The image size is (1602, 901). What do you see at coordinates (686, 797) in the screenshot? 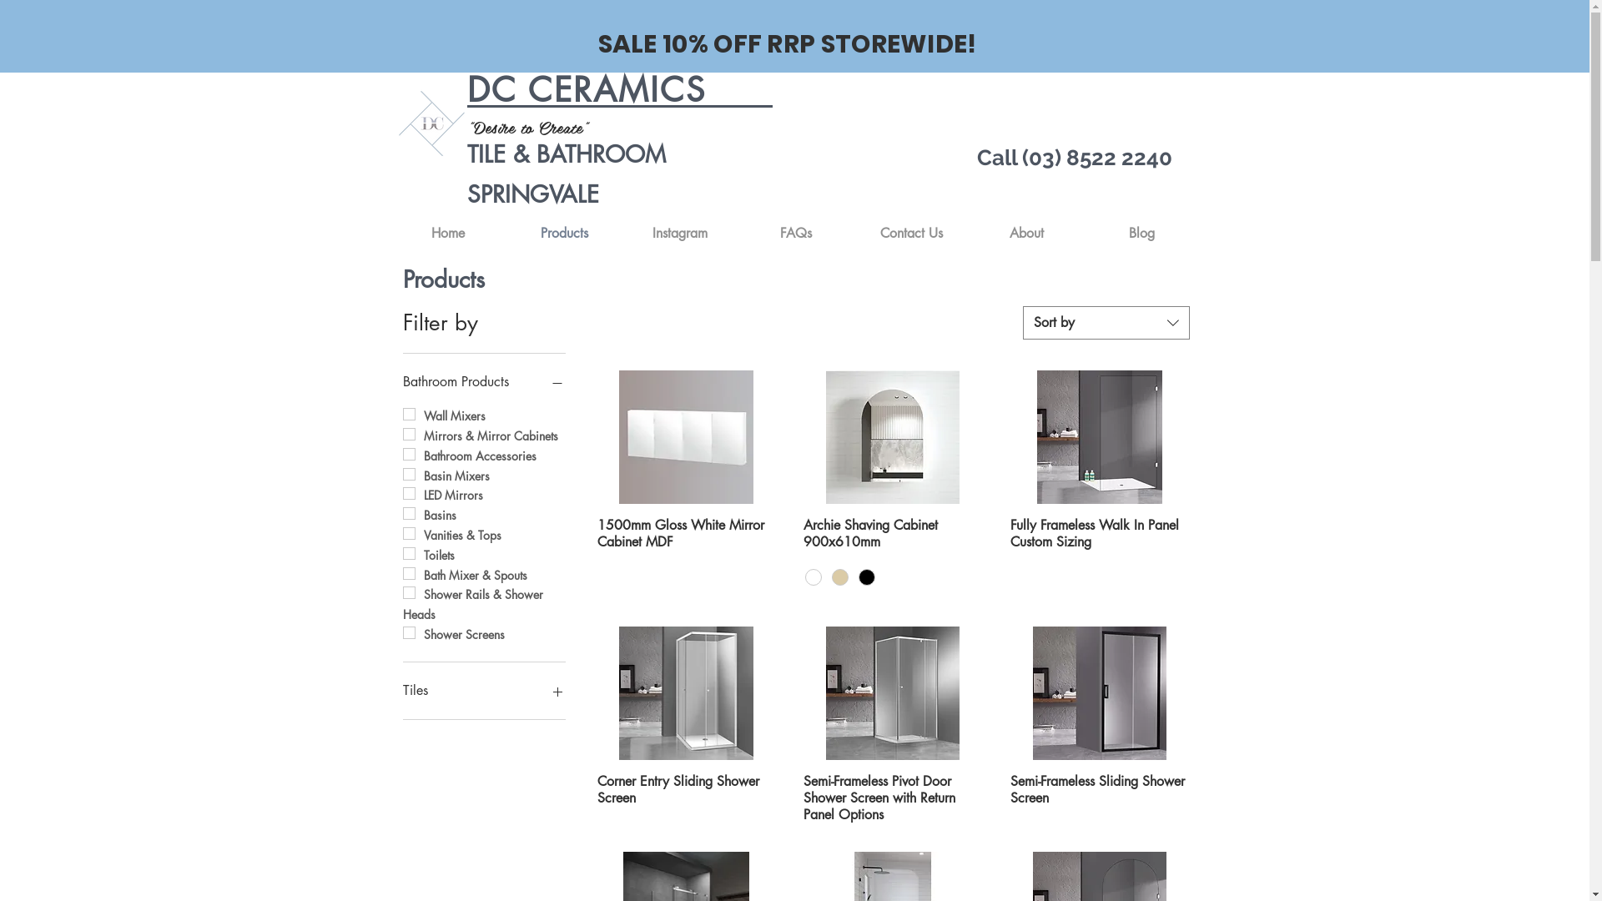
I see `'Corner Entry Sliding Shower Screen'` at bounding box center [686, 797].